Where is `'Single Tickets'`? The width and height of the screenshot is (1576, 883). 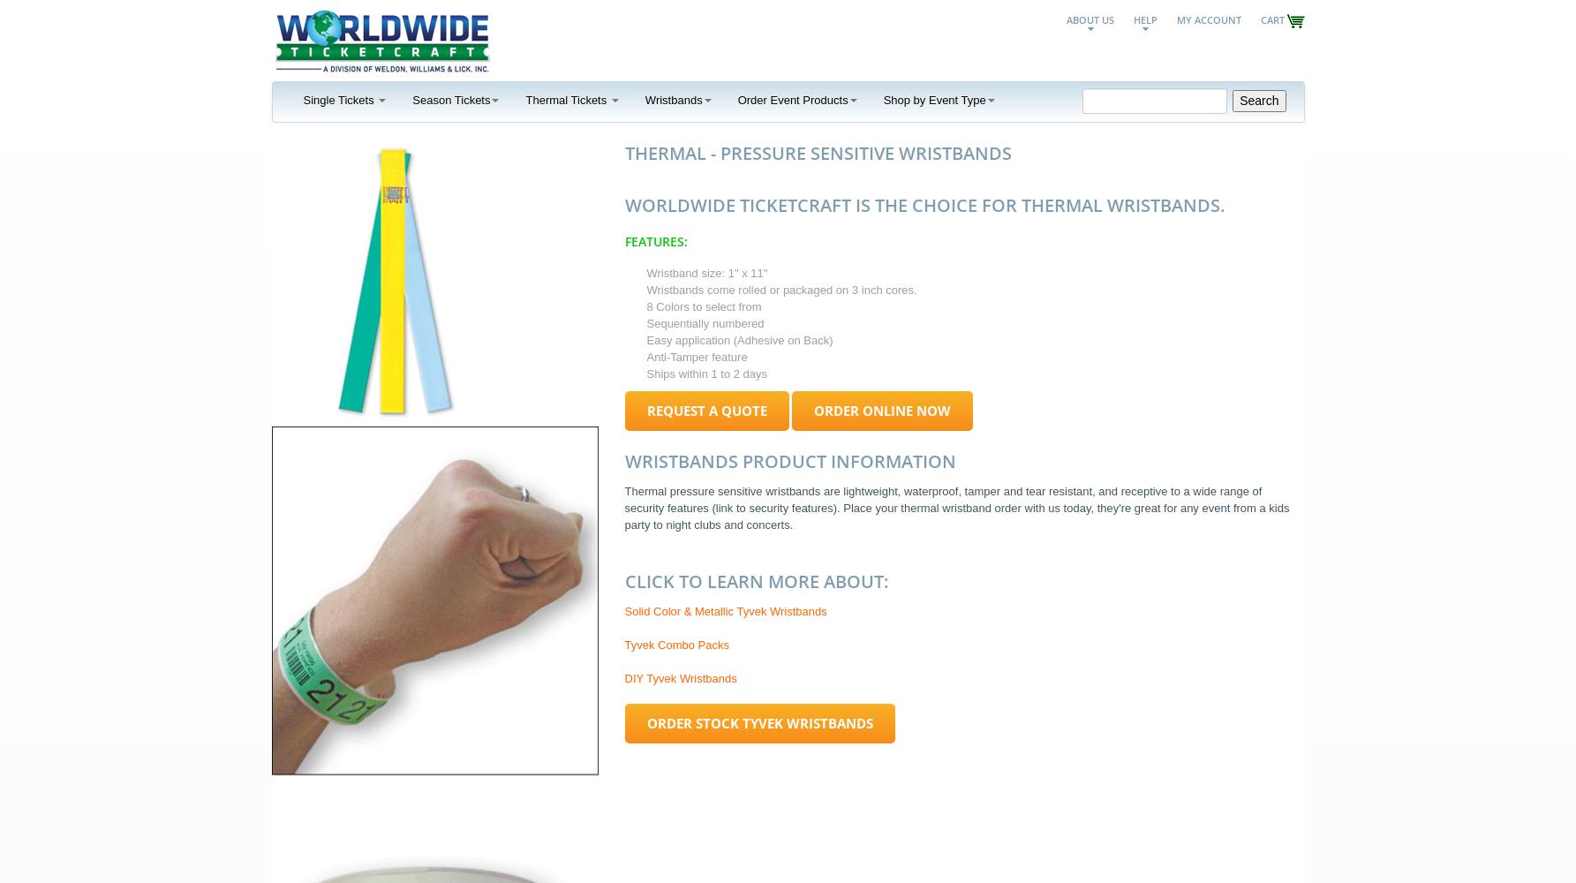 'Single Tickets' is located at coordinates (339, 98).